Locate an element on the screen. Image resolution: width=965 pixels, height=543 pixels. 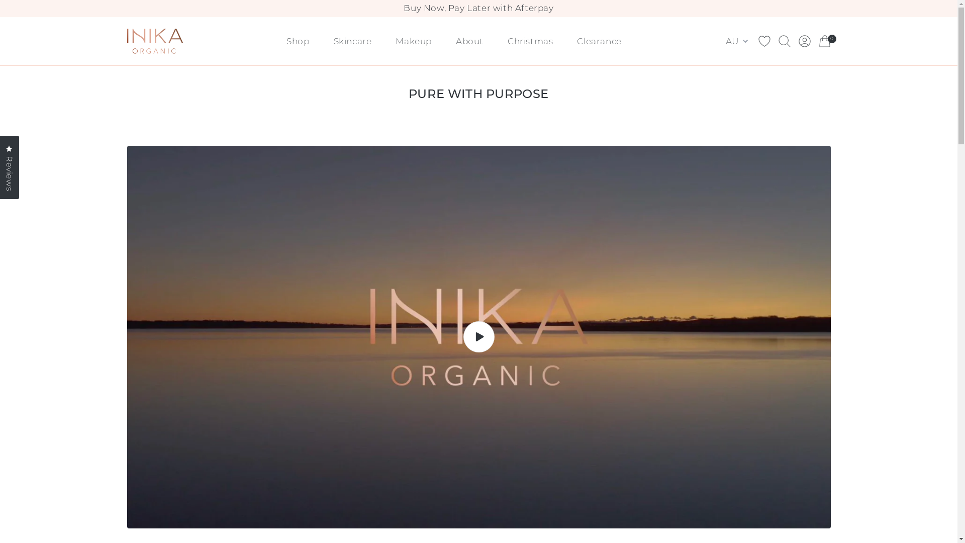
'Makeup' is located at coordinates (413, 40).